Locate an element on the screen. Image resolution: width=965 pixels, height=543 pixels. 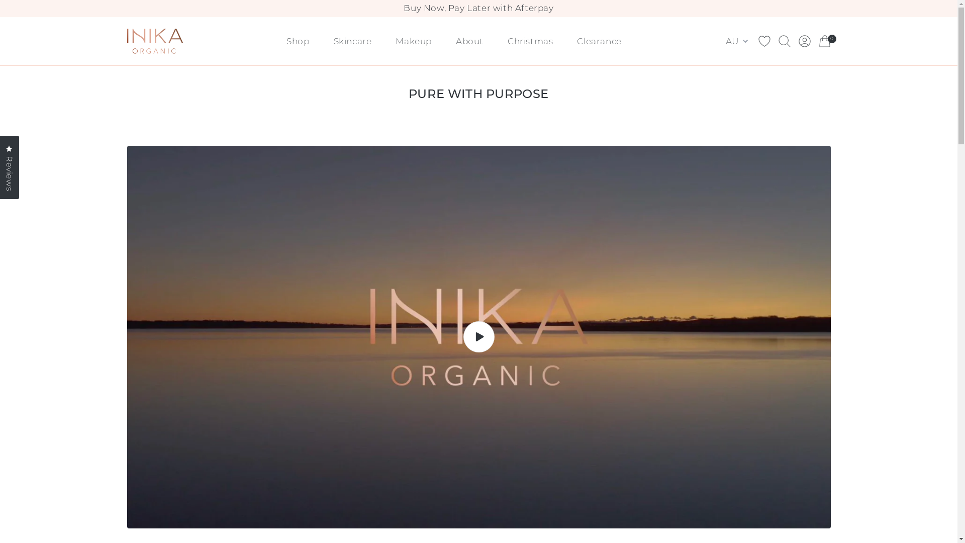
'Makeup' is located at coordinates (413, 40).